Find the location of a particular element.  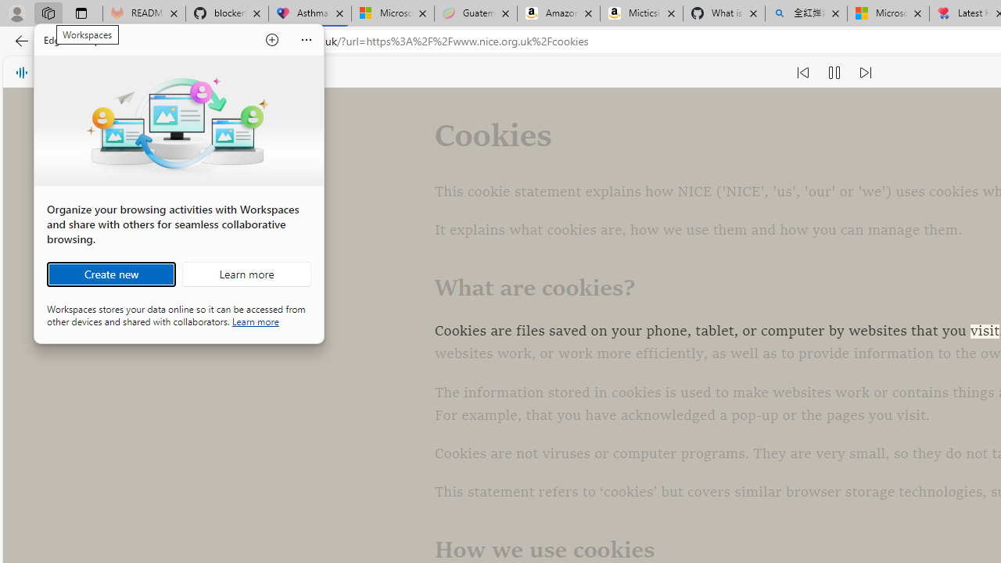

'Create new workspace' is located at coordinates (110, 274).